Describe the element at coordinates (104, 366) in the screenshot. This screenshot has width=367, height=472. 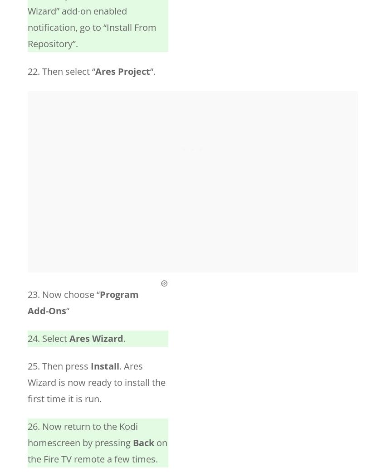
I see `'Install'` at that location.